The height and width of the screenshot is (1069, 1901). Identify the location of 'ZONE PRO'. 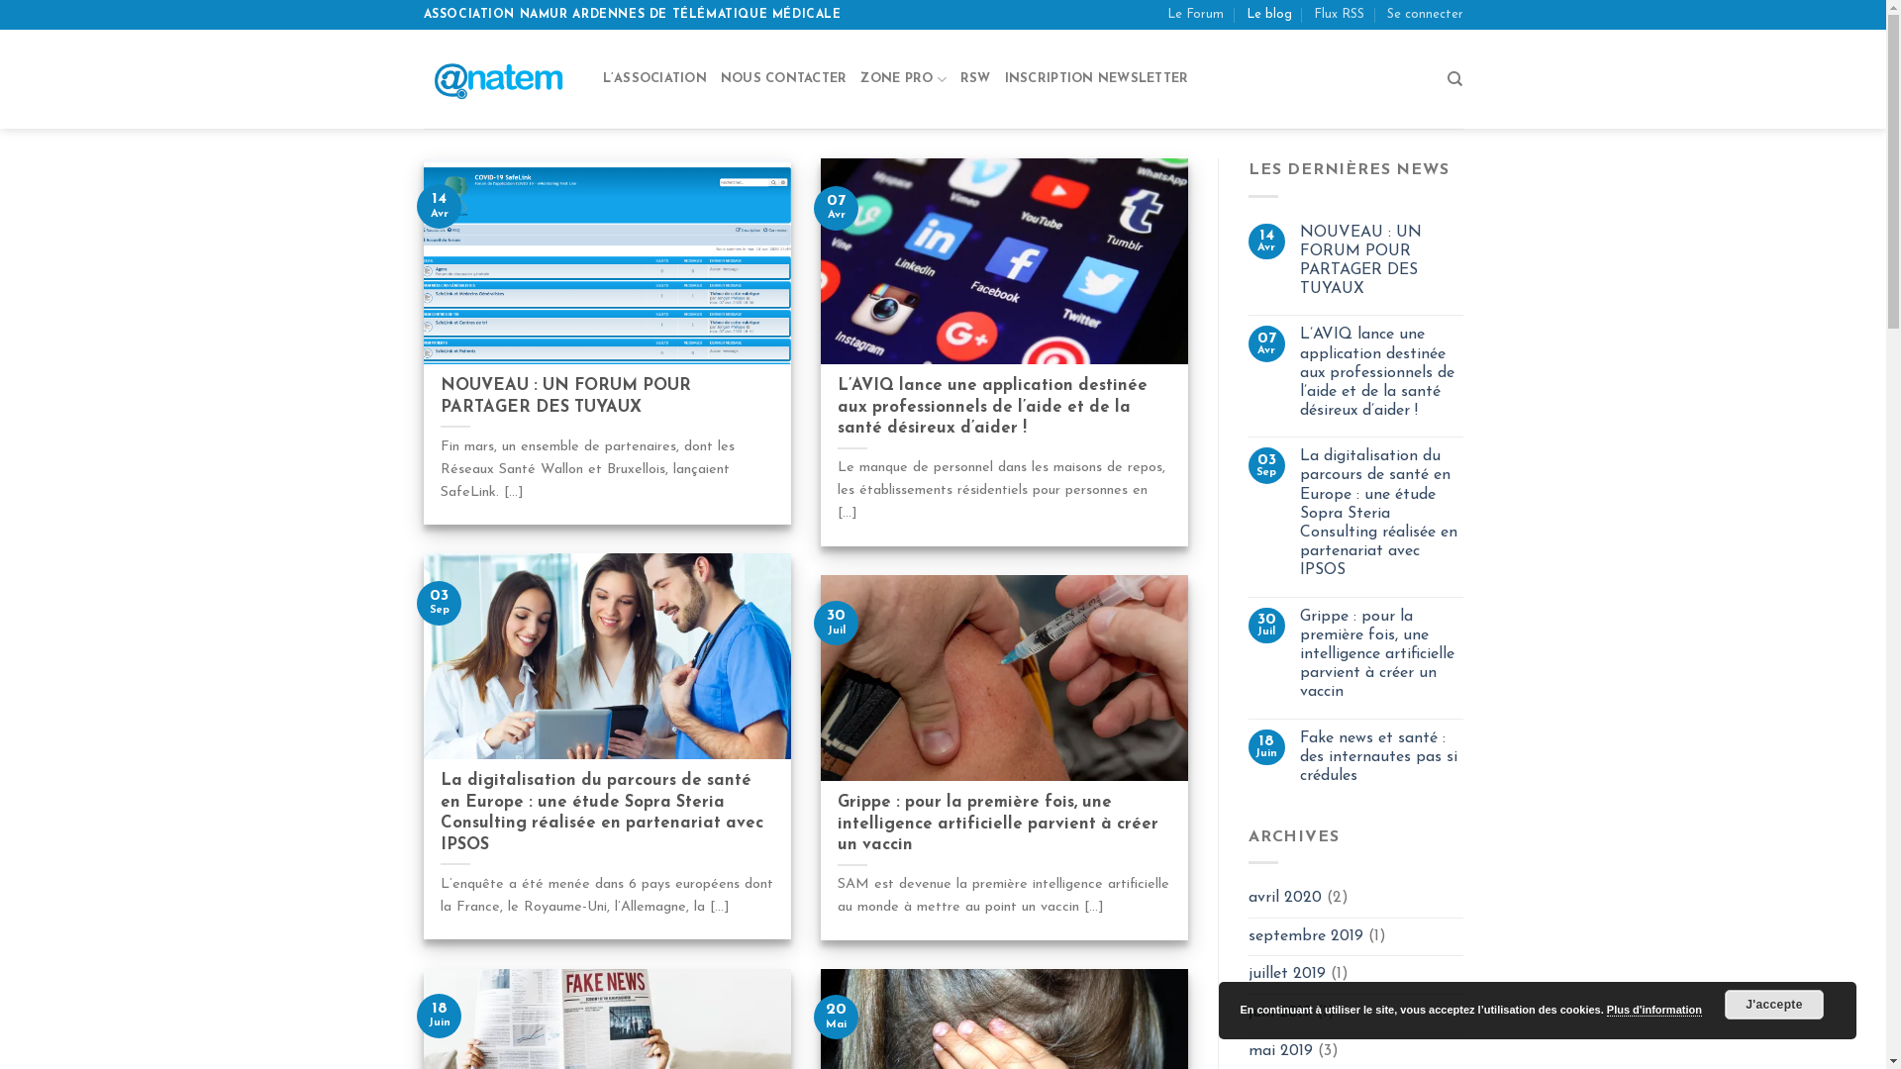
(902, 78).